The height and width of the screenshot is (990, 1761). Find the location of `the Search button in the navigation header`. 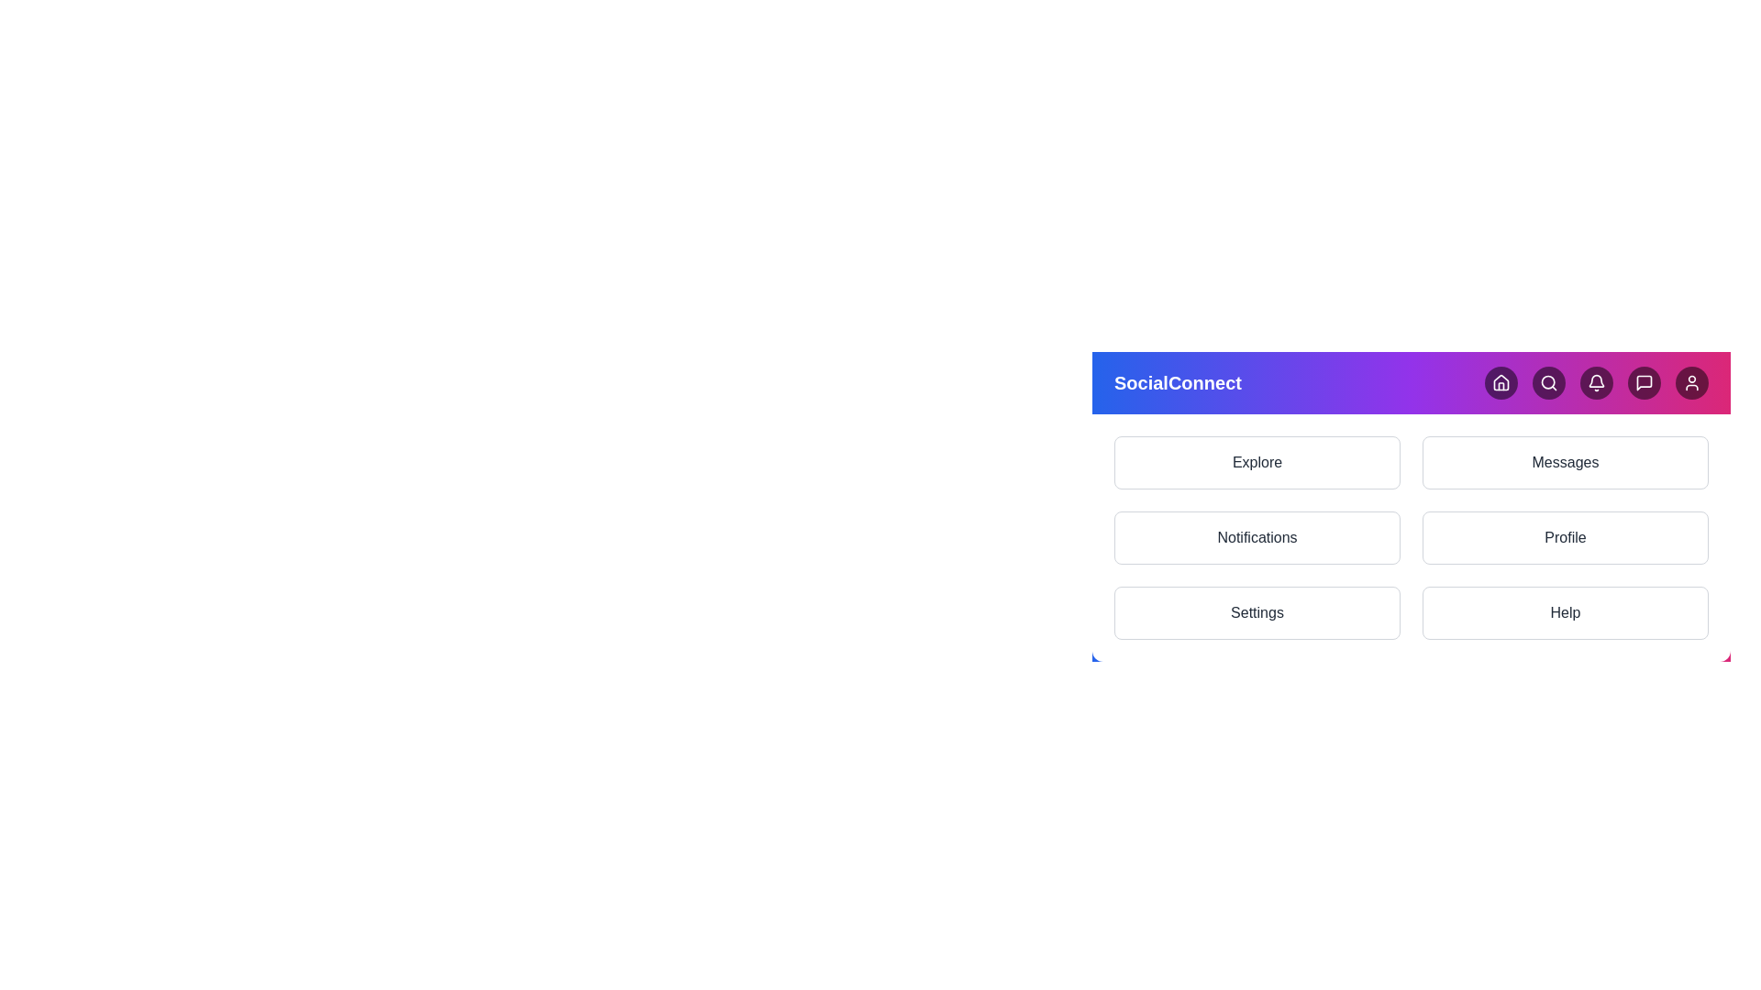

the Search button in the navigation header is located at coordinates (1548, 381).